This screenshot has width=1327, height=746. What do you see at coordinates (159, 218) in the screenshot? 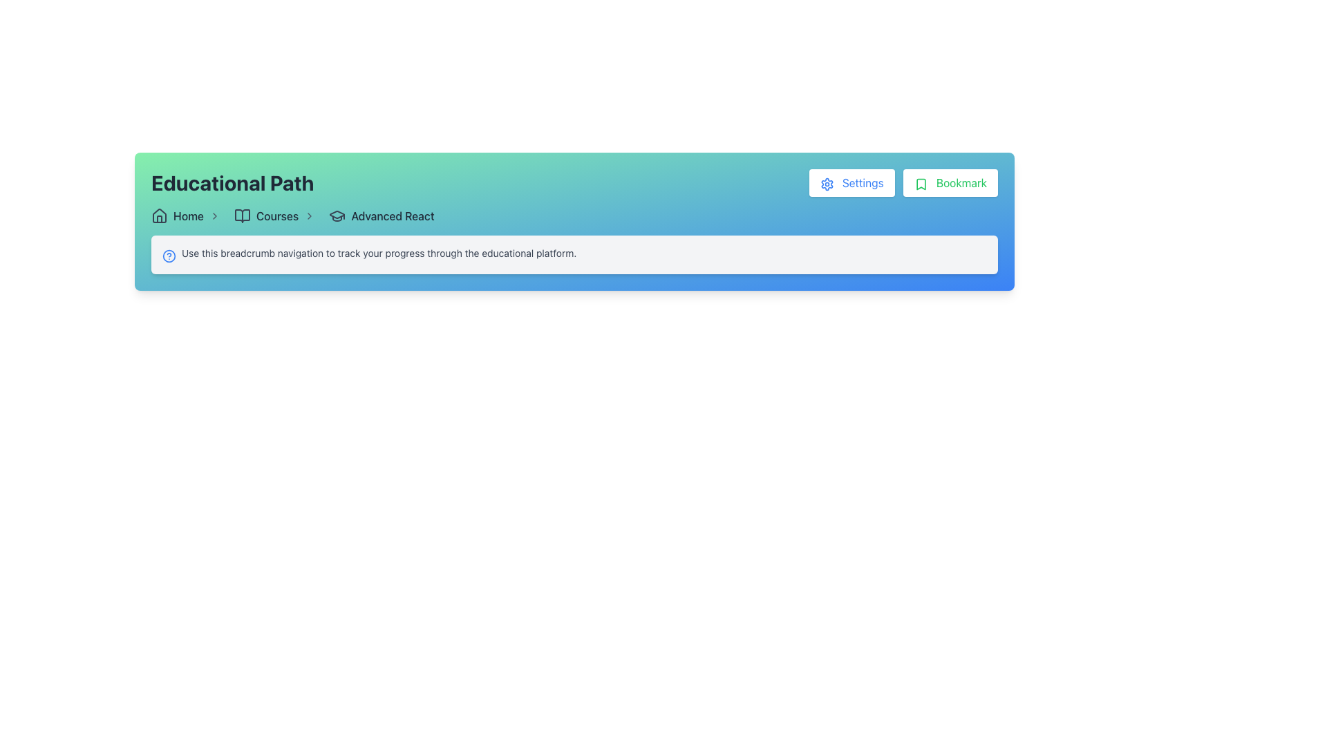
I see `the decorative vector graphic element resembling a door, which is part of the house icon in the breadcrumb navigation bar adjacent to the 'Home' text` at bounding box center [159, 218].